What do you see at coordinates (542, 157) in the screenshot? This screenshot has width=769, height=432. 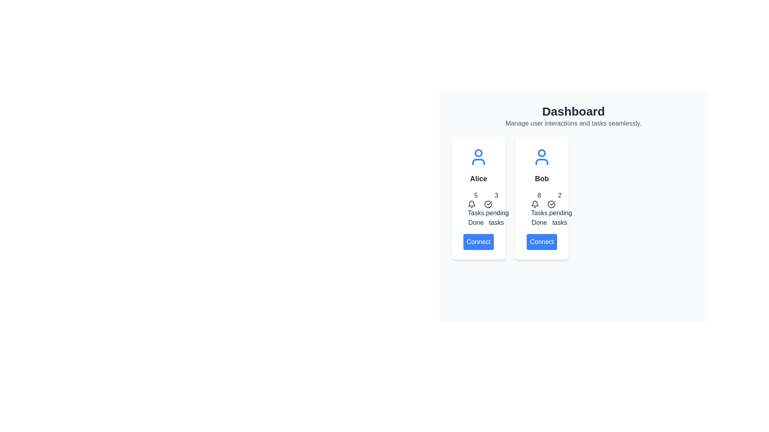 I see `the user avatar icon representing 'Bob' at the top-center of the card` at bounding box center [542, 157].